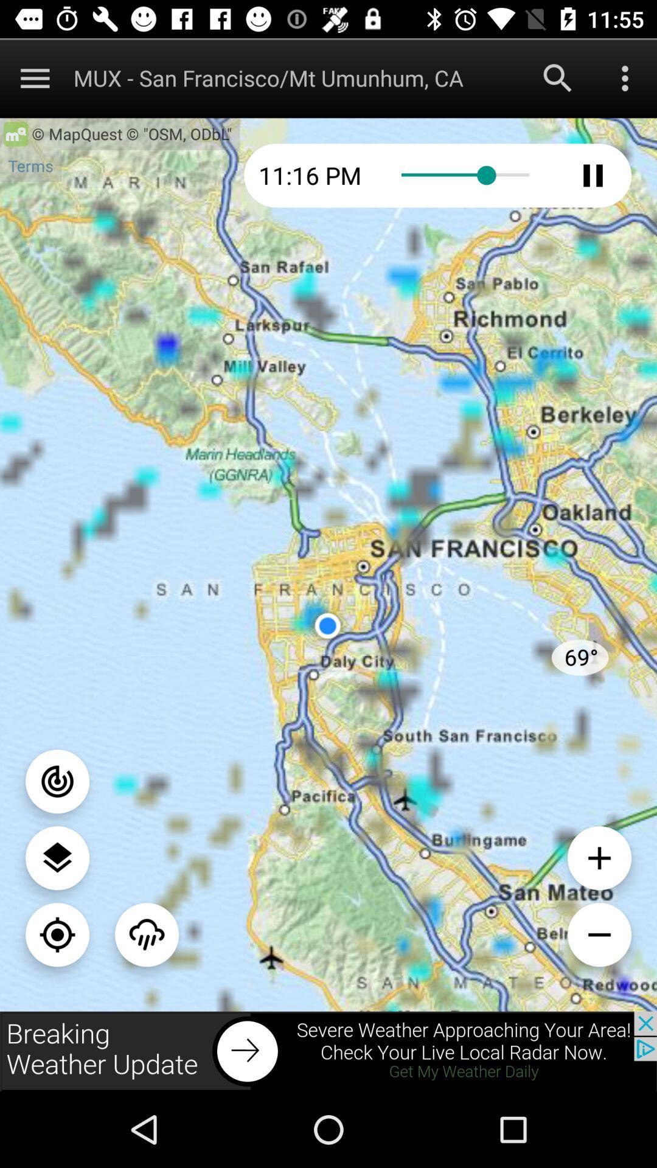 Image resolution: width=657 pixels, height=1168 pixels. What do you see at coordinates (558, 77) in the screenshot?
I see `the search icon` at bounding box center [558, 77].